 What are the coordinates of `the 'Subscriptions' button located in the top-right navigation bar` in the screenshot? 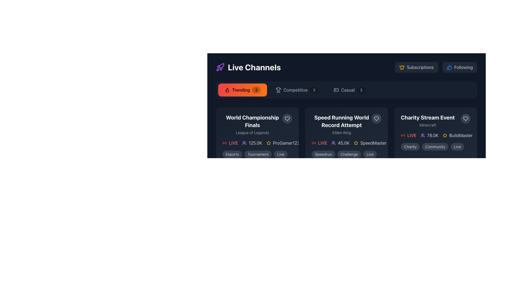 It's located at (420, 67).